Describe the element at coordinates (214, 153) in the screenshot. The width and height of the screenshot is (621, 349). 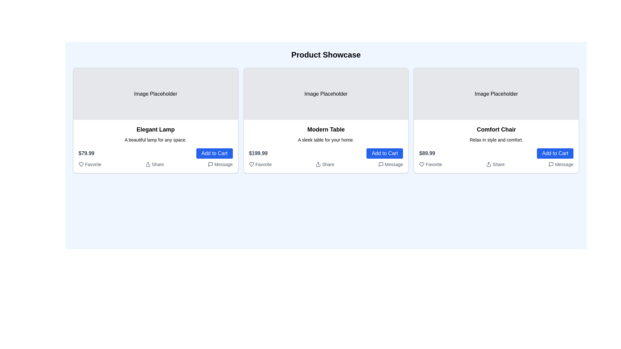
I see `the 'Add to Cart' button with a blue background and white text, located within the product card for 'Elegant Lamp'` at that location.